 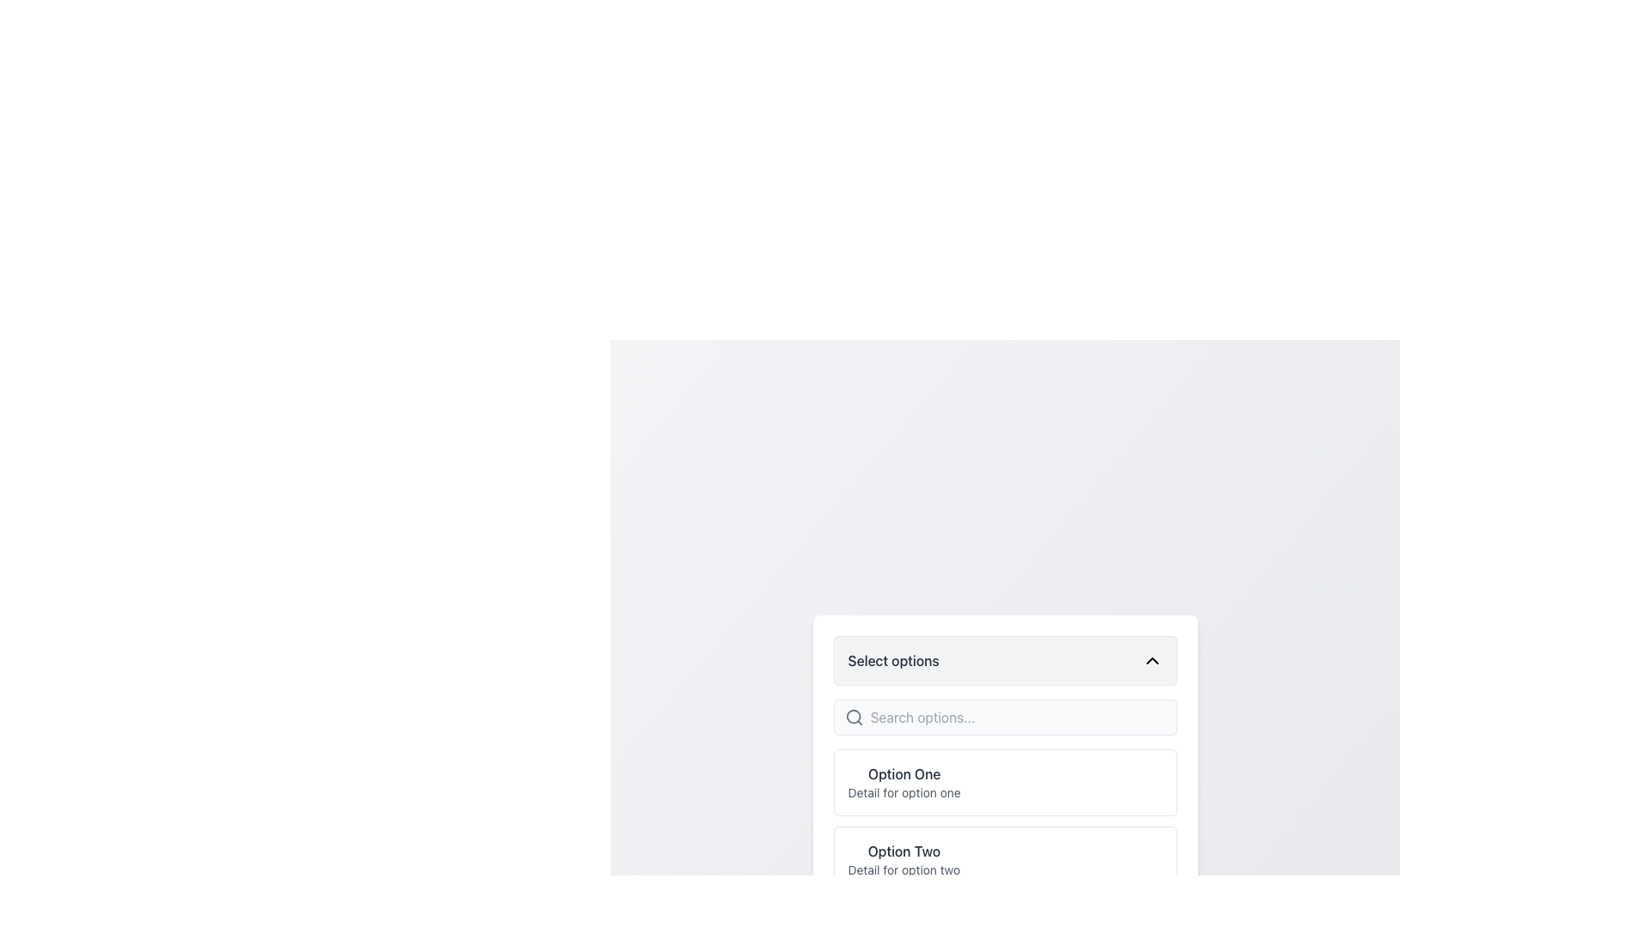 I want to click on text label providing additional information related to the 'Option Two' selection in the dropdown menu located at the lower right portion beneath the 'Select options' label, so click(x=903, y=870).